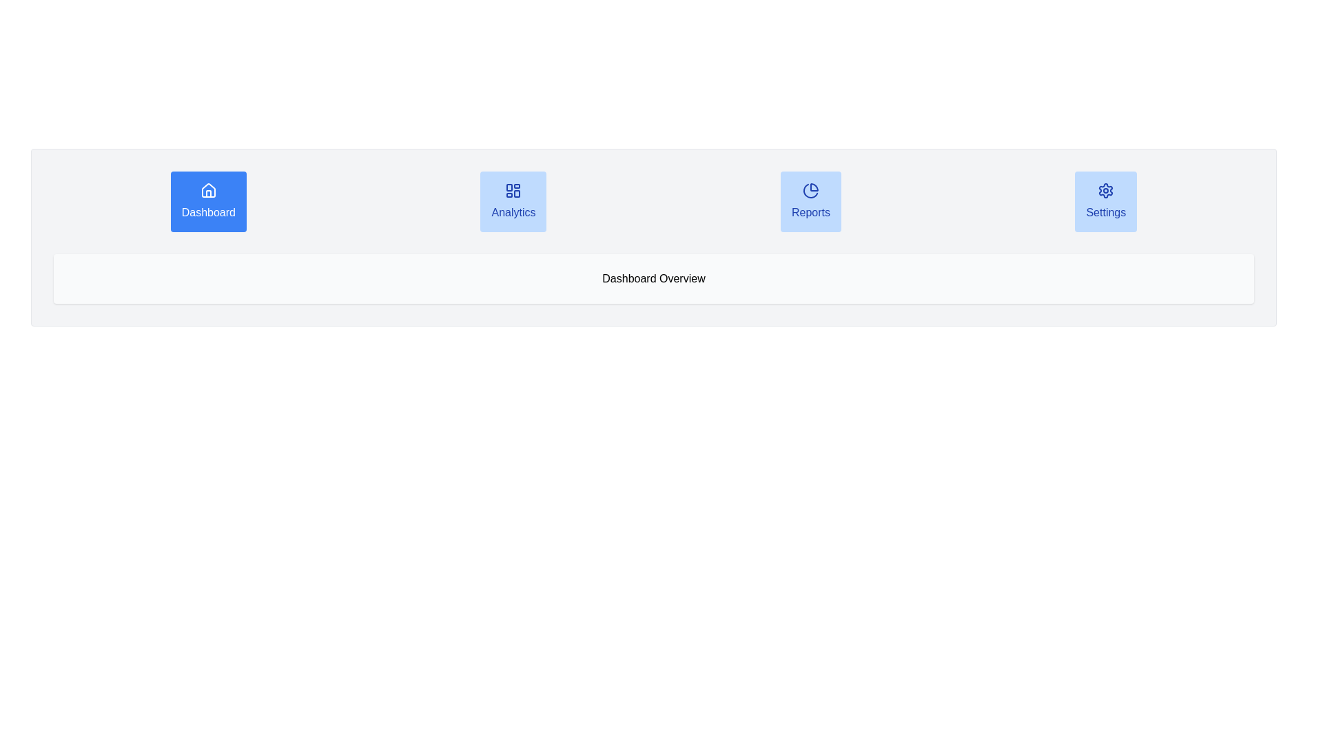 Image resolution: width=1323 pixels, height=744 pixels. What do you see at coordinates (810, 202) in the screenshot?
I see `the navigation button located to the right of the 'Analytics' button and to the left of the 'Settings' button` at bounding box center [810, 202].